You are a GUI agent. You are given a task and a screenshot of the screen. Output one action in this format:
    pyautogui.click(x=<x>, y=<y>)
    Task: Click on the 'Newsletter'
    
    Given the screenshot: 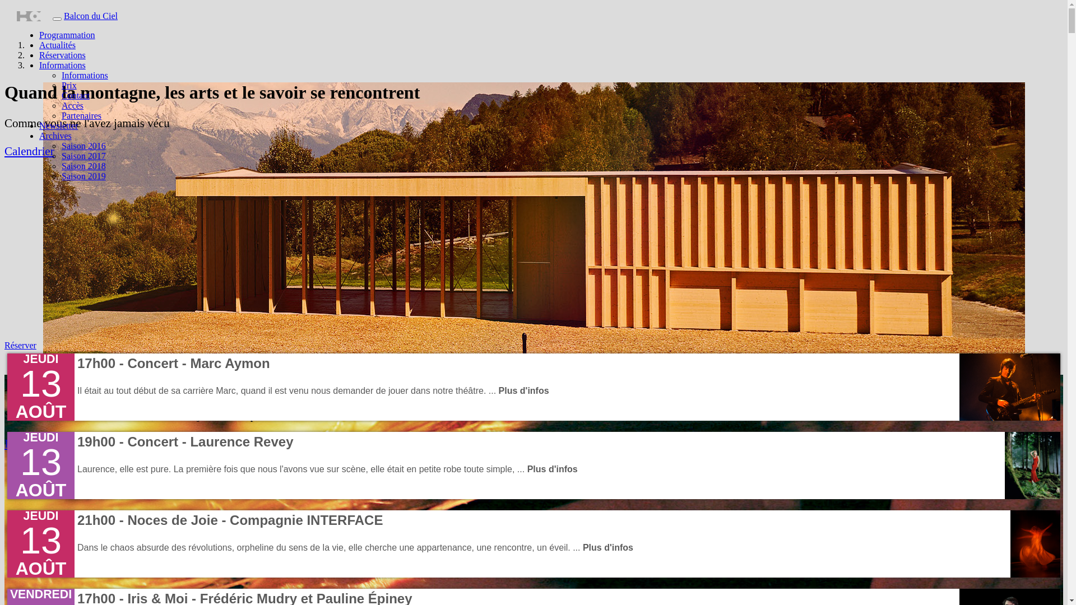 What is the action you would take?
    pyautogui.click(x=58, y=125)
    